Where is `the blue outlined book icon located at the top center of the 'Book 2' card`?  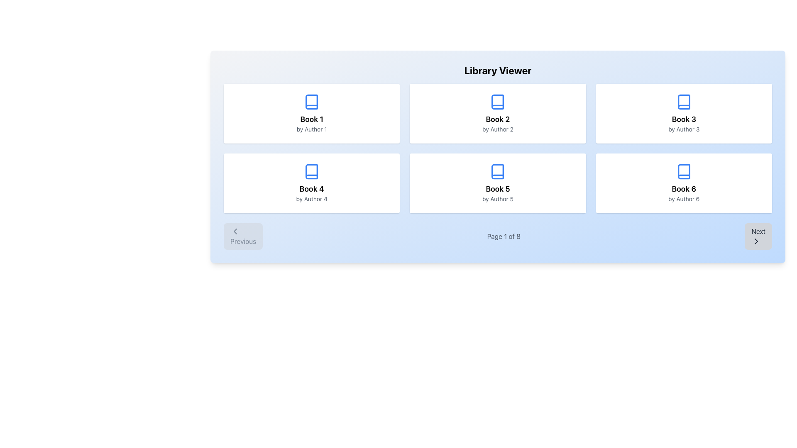 the blue outlined book icon located at the top center of the 'Book 2' card is located at coordinates (498, 102).